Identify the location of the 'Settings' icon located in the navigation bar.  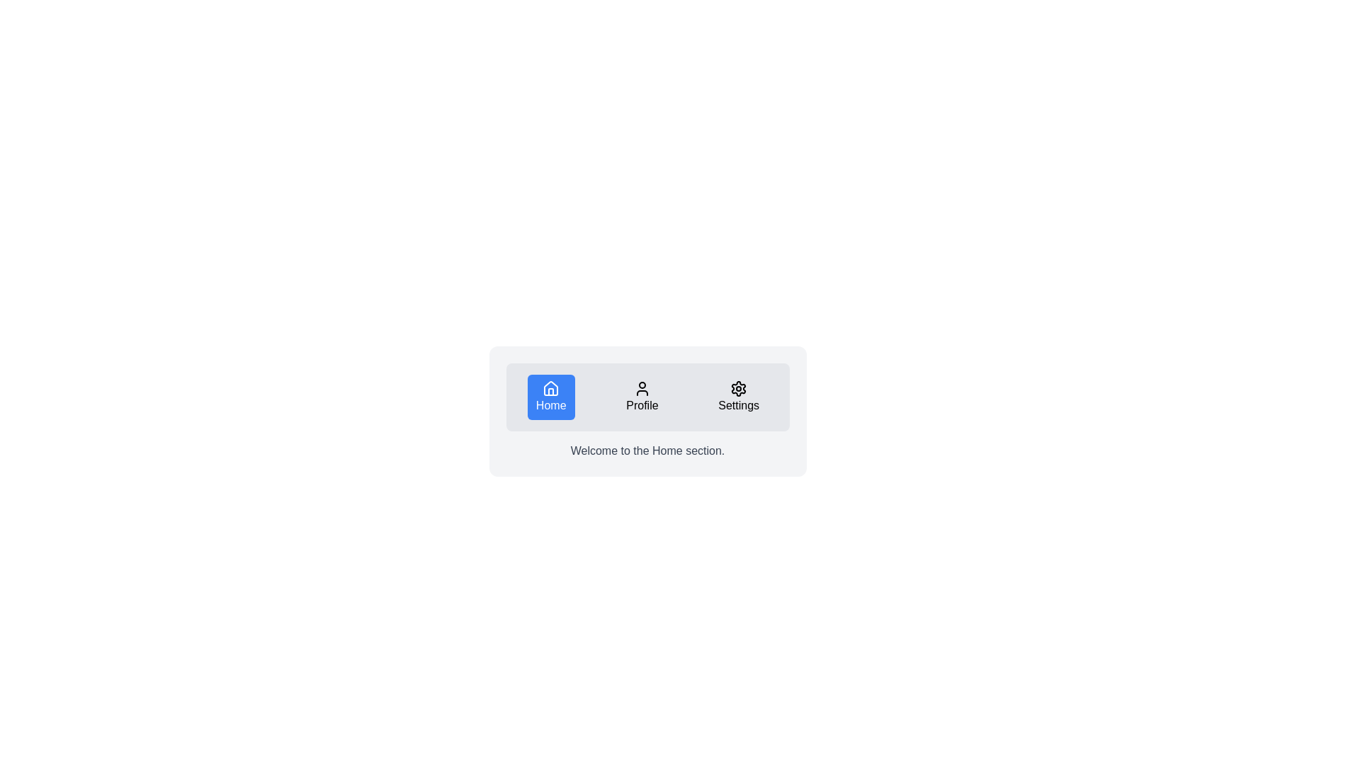
(738, 388).